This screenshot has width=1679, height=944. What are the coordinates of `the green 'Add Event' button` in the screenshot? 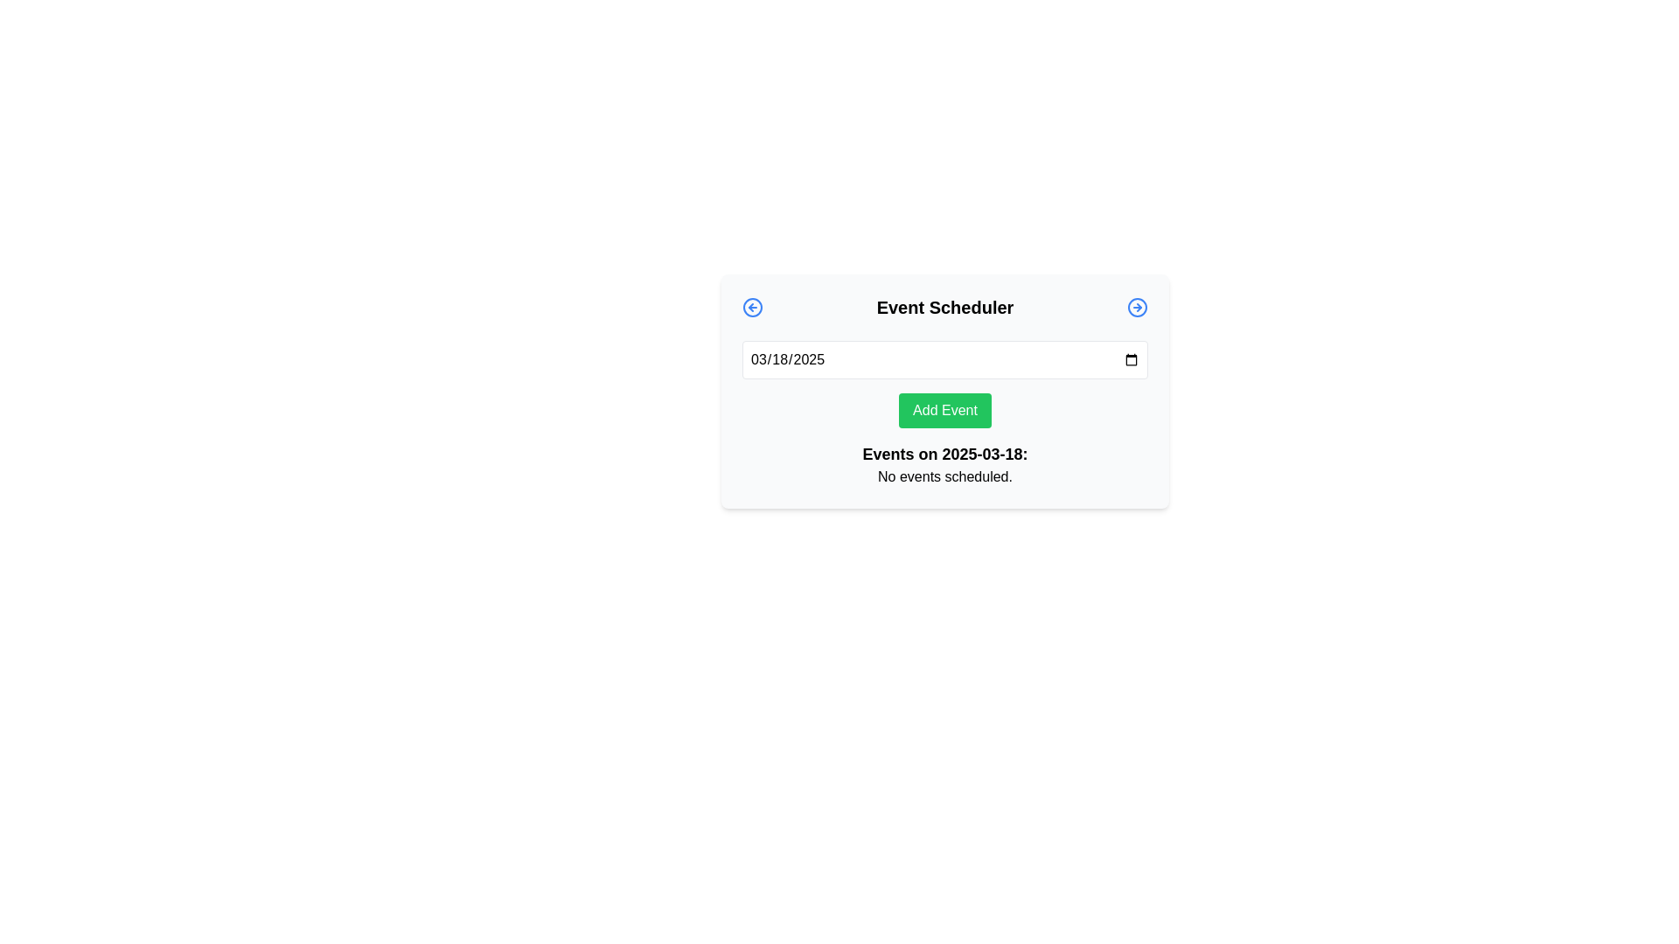 It's located at (944, 390).